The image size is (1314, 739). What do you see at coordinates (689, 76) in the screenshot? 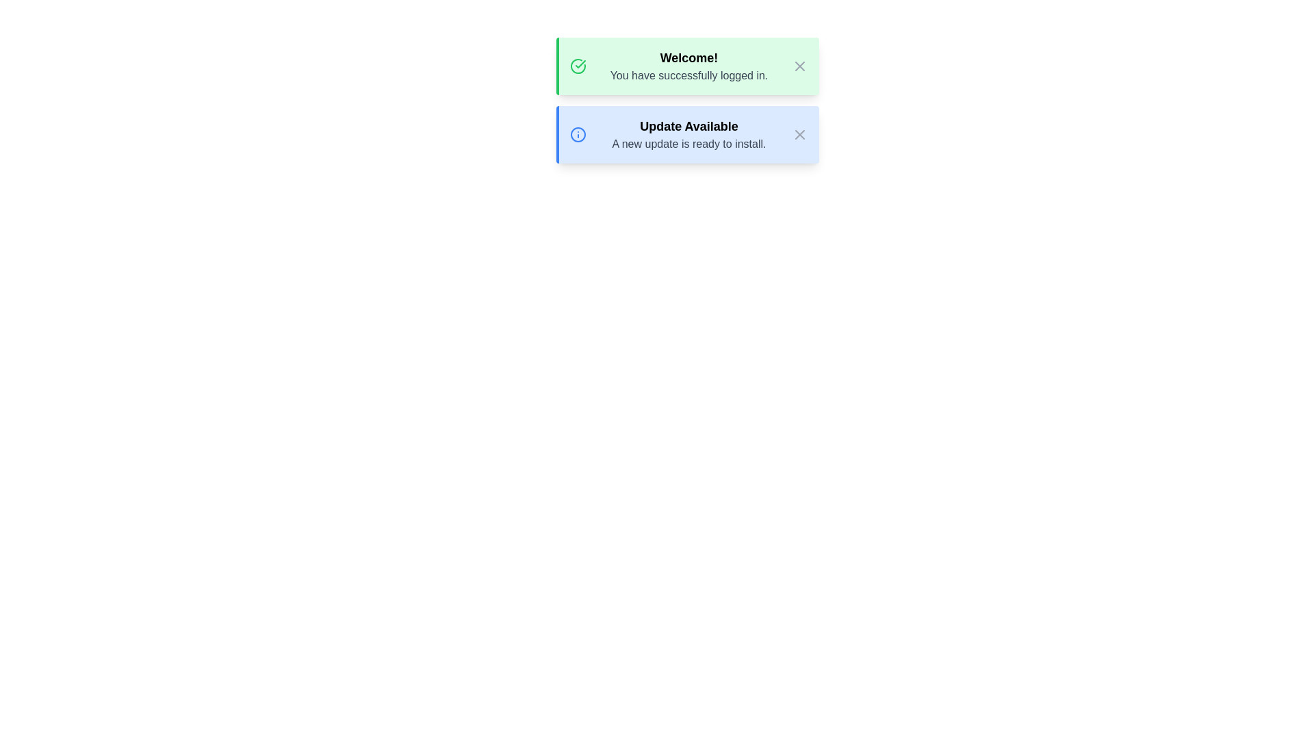
I see `the text label displaying 'You have successfully logged in.' which is located below the 'Welcome!' text in the success message layout` at bounding box center [689, 76].